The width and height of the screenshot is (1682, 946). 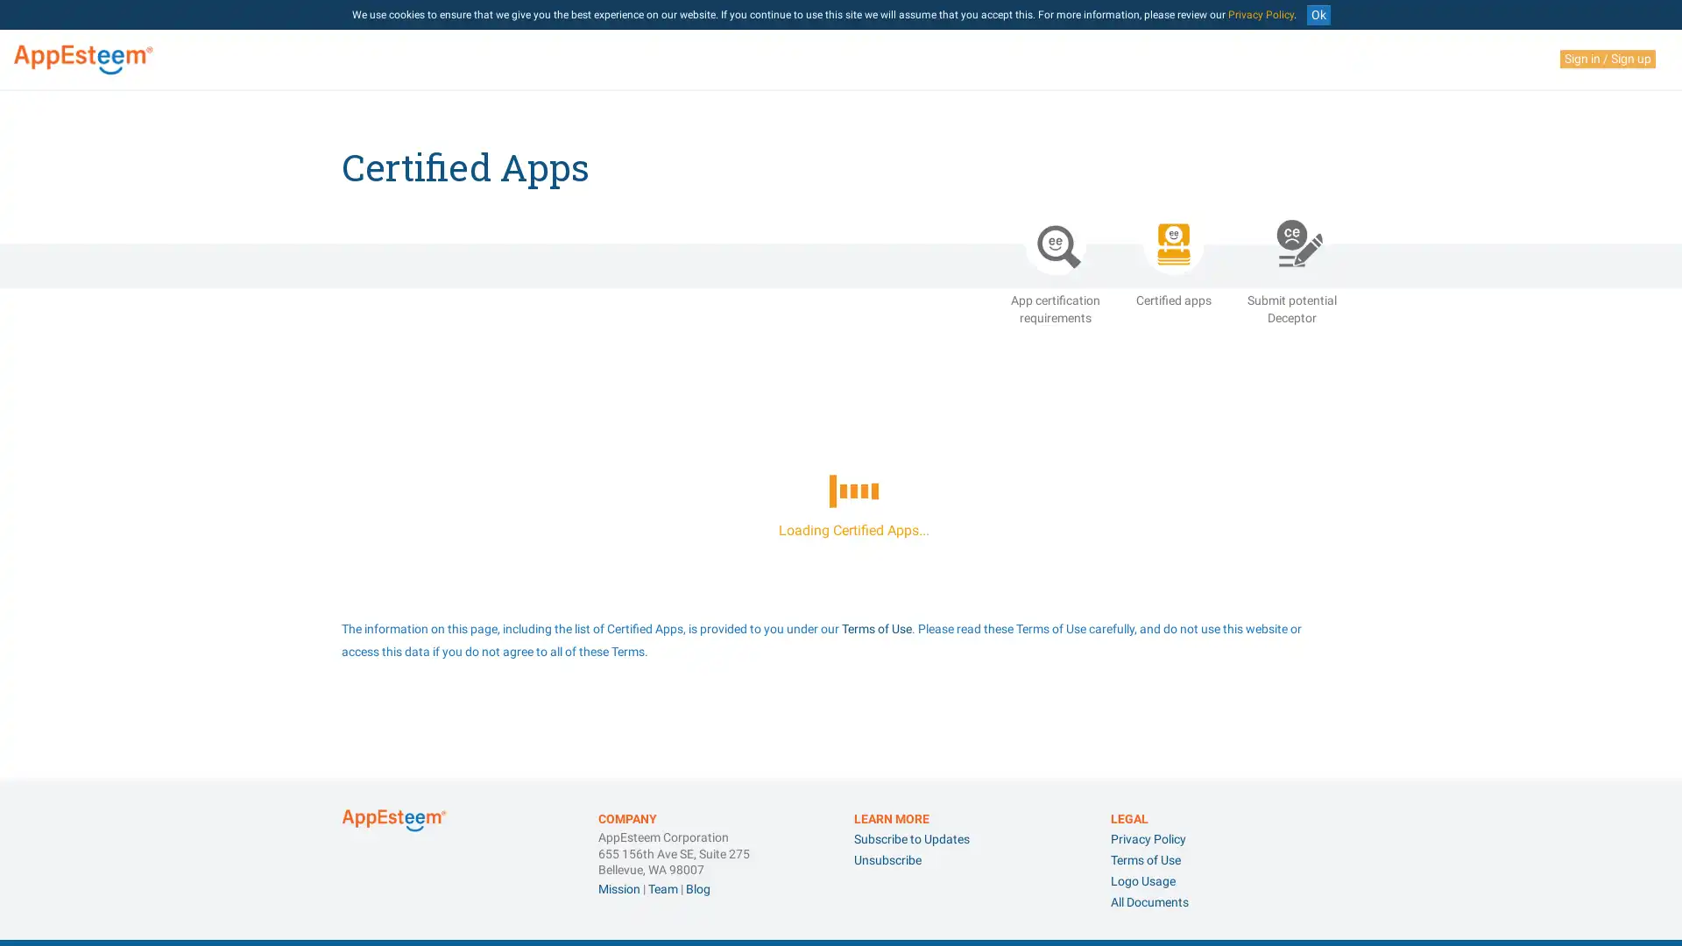 What do you see at coordinates (1608, 58) in the screenshot?
I see `Sign in / Sign up` at bounding box center [1608, 58].